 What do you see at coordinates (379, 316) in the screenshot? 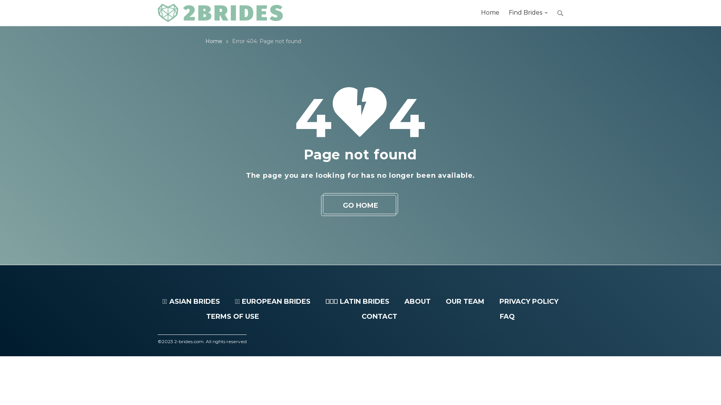
I see `'CONTACT'` at bounding box center [379, 316].